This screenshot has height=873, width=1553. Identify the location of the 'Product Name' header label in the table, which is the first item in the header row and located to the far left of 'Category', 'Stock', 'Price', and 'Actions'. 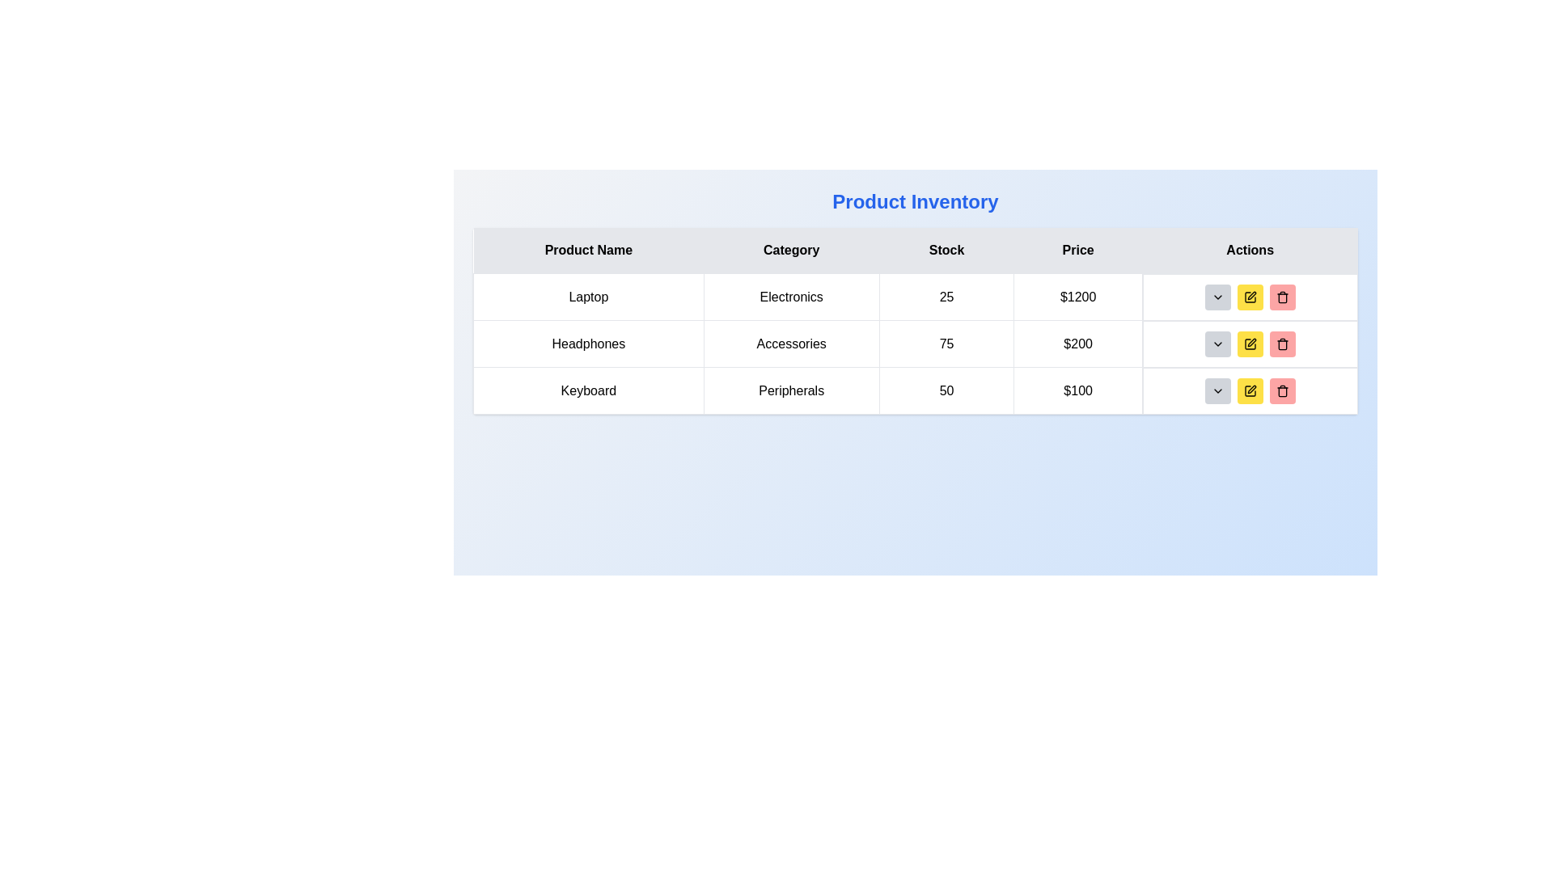
(587, 251).